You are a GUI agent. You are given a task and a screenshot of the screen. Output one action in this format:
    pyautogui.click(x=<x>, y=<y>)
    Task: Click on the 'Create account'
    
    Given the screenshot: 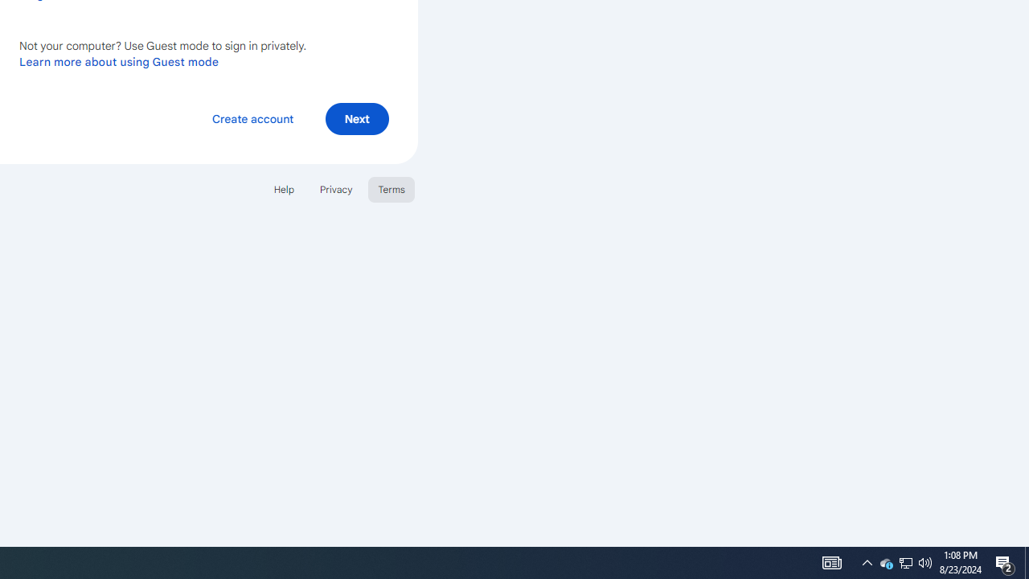 What is the action you would take?
    pyautogui.click(x=252, y=117)
    